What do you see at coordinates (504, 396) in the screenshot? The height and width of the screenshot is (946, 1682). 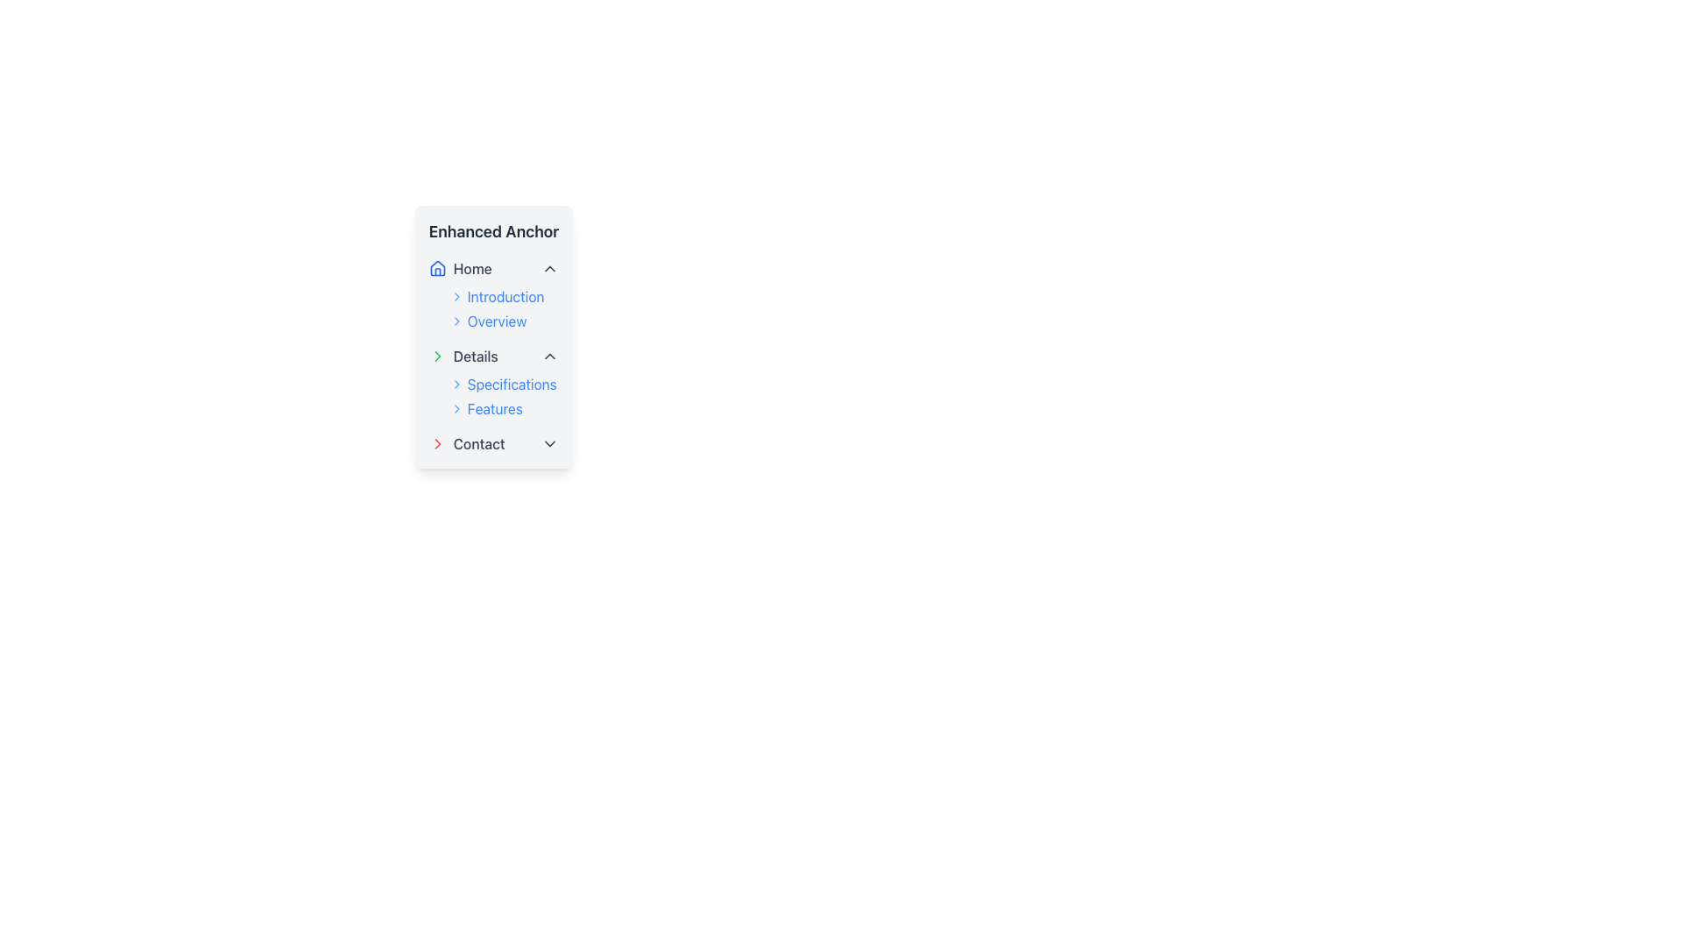 I see `the right-arrow icon beside the 'Specifications' text in the Expandable list group` at bounding box center [504, 396].